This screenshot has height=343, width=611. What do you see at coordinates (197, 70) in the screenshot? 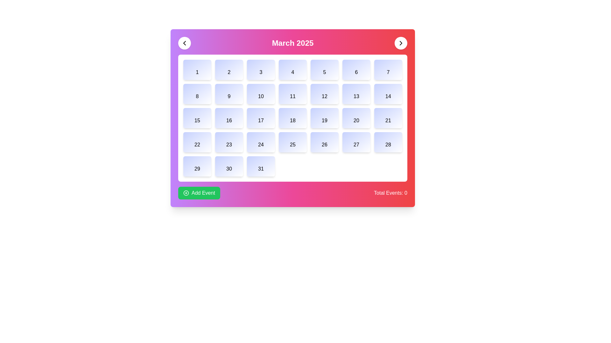
I see `the label representing the first day of March 2025 in the calendar grid, located at the top-left corner of the grid layout` at bounding box center [197, 70].